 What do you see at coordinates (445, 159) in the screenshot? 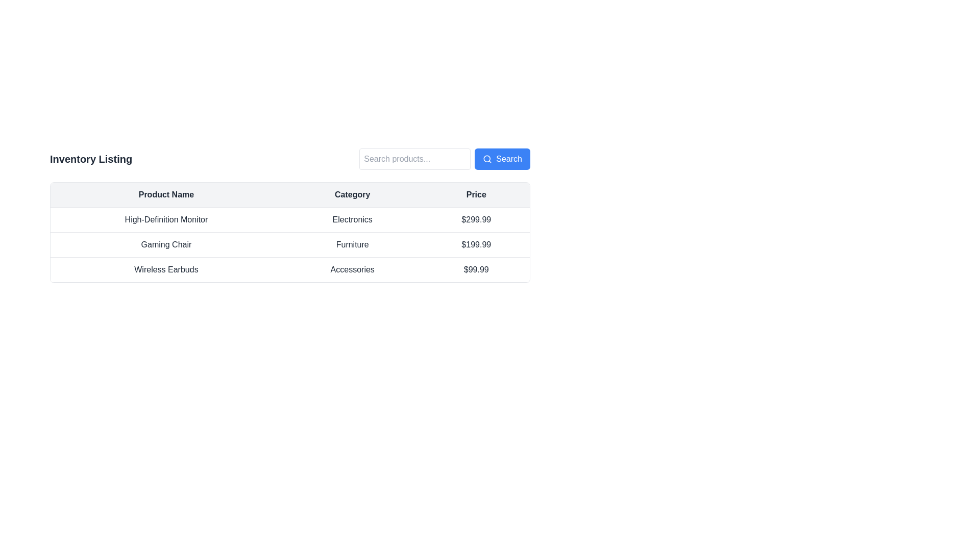
I see `within the input field of the Search bar located in the upper center-right of the 'Inventory Listing' section to type a query` at bounding box center [445, 159].